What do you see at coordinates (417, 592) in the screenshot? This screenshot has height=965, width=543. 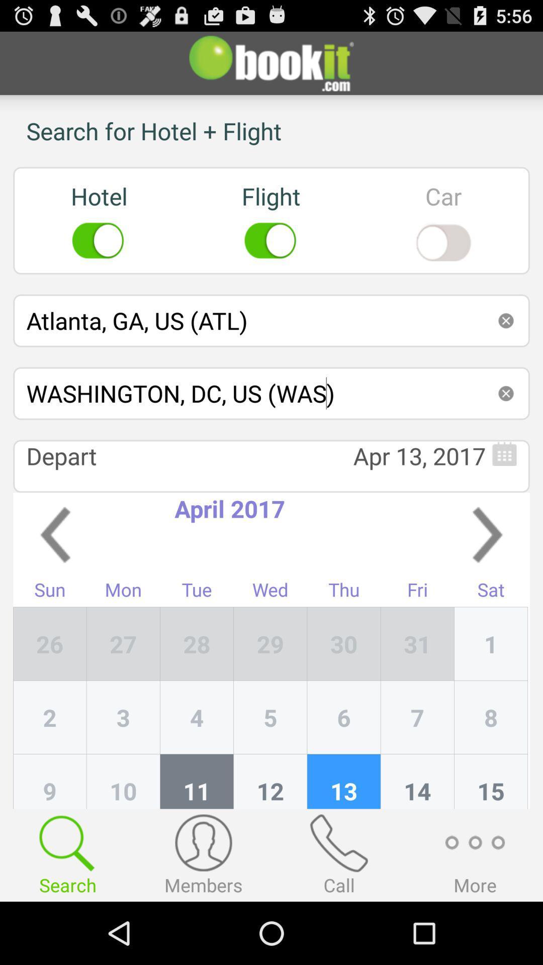 I see `fri app` at bounding box center [417, 592].